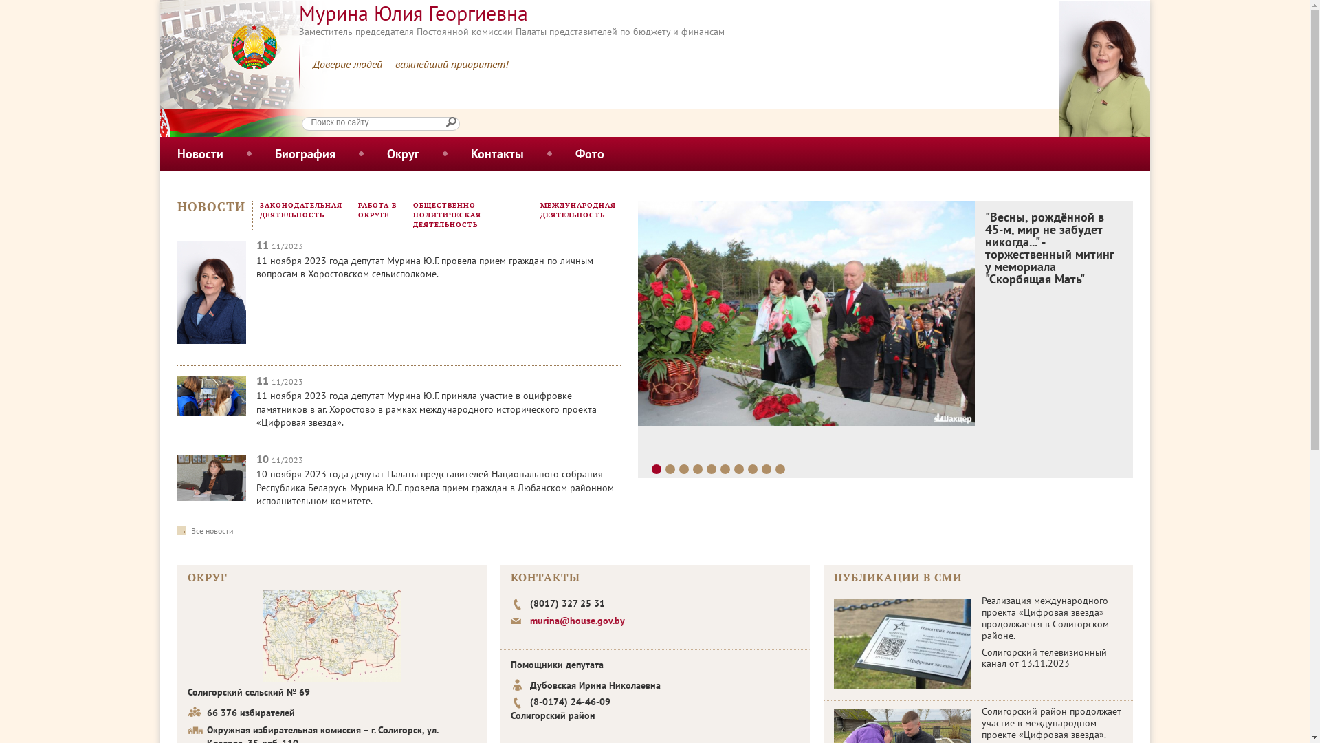  Describe the element at coordinates (577, 621) in the screenshot. I see `'murina@house.gov.by'` at that location.